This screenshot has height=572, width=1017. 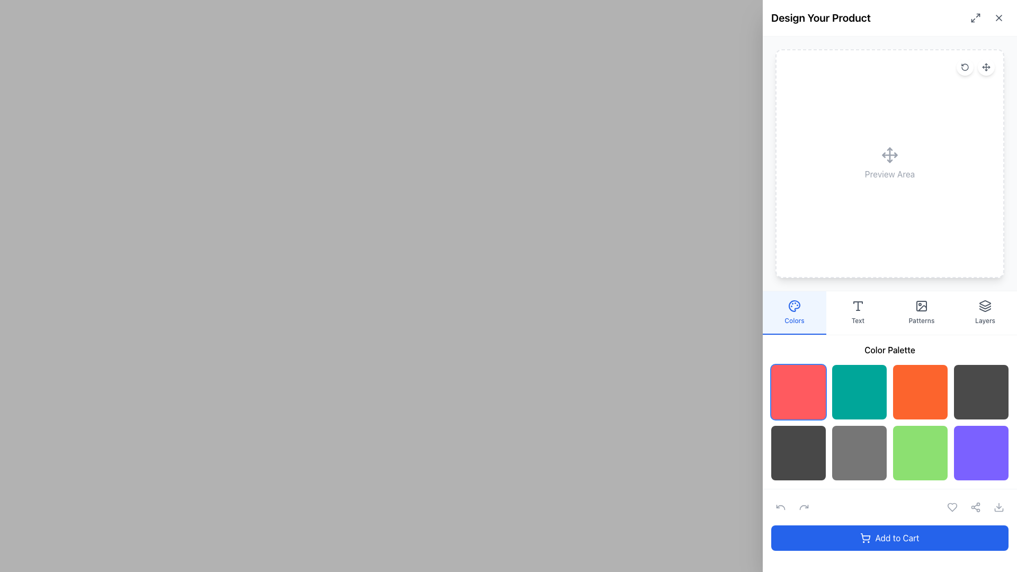 I want to click on the close button located in the top-right corner of the 'Design Your Product' panel, which is part of a group of buttons and aligns with the panel's border, so click(x=998, y=18).